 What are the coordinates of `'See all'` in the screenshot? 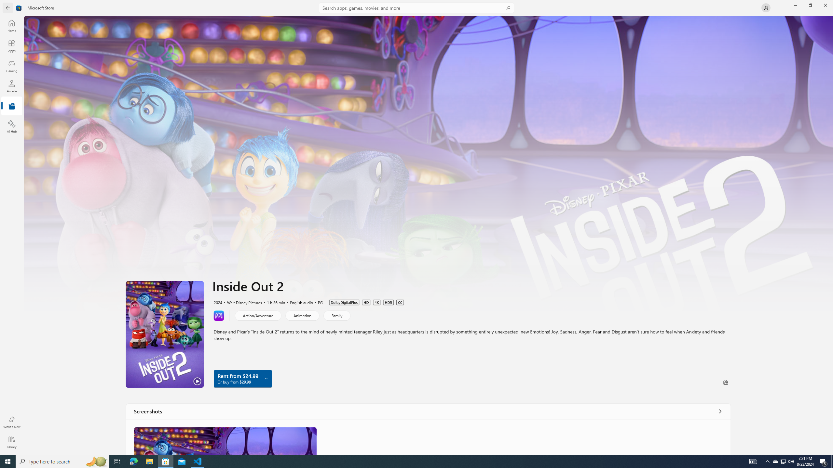 It's located at (720, 411).